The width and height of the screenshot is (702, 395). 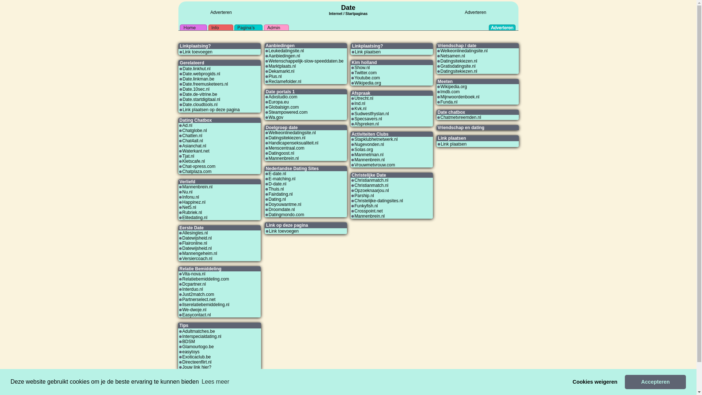 I want to click on 'Afspreken.nl', so click(x=367, y=124).